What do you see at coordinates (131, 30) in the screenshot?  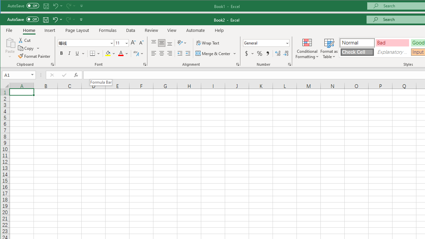 I see `'Data'` at bounding box center [131, 30].